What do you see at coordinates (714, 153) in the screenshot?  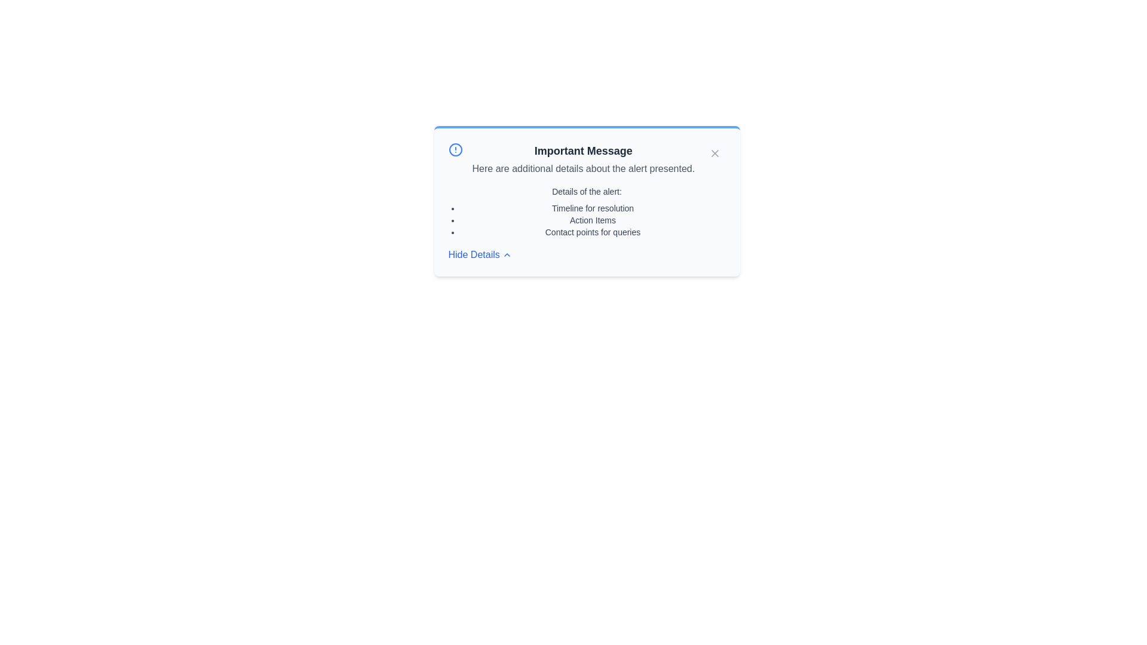 I see `the close button with a cross icon located at the top-right corner of the card containing the 'Important Message' title` at bounding box center [714, 153].